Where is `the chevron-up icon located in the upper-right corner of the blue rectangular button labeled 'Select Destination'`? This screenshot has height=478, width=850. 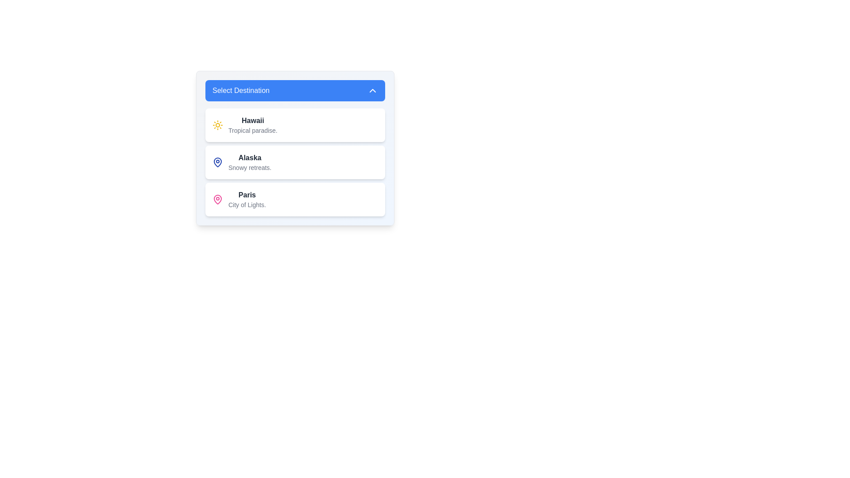
the chevron-up icon located in the upper-right corner of the blue rectangular button labeled 'Select Destination' is located at coordinates (372, 90).